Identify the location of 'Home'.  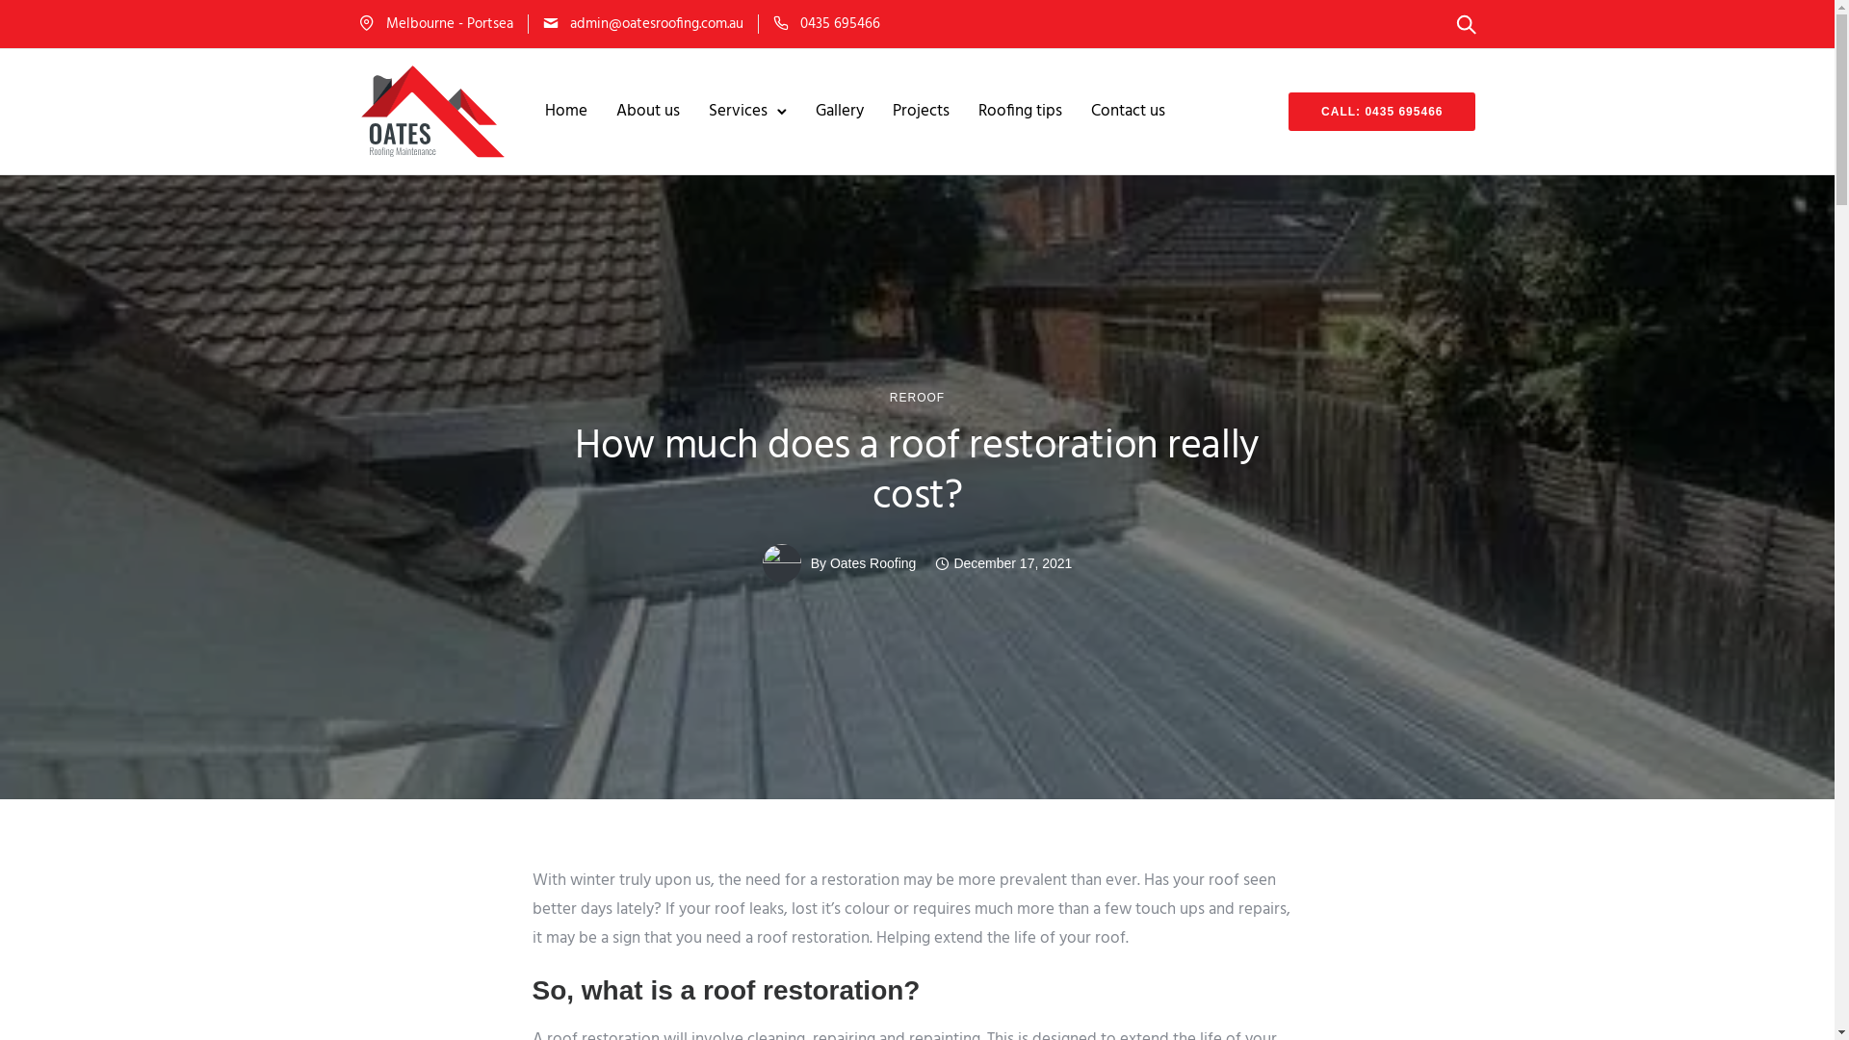
(565, 111).